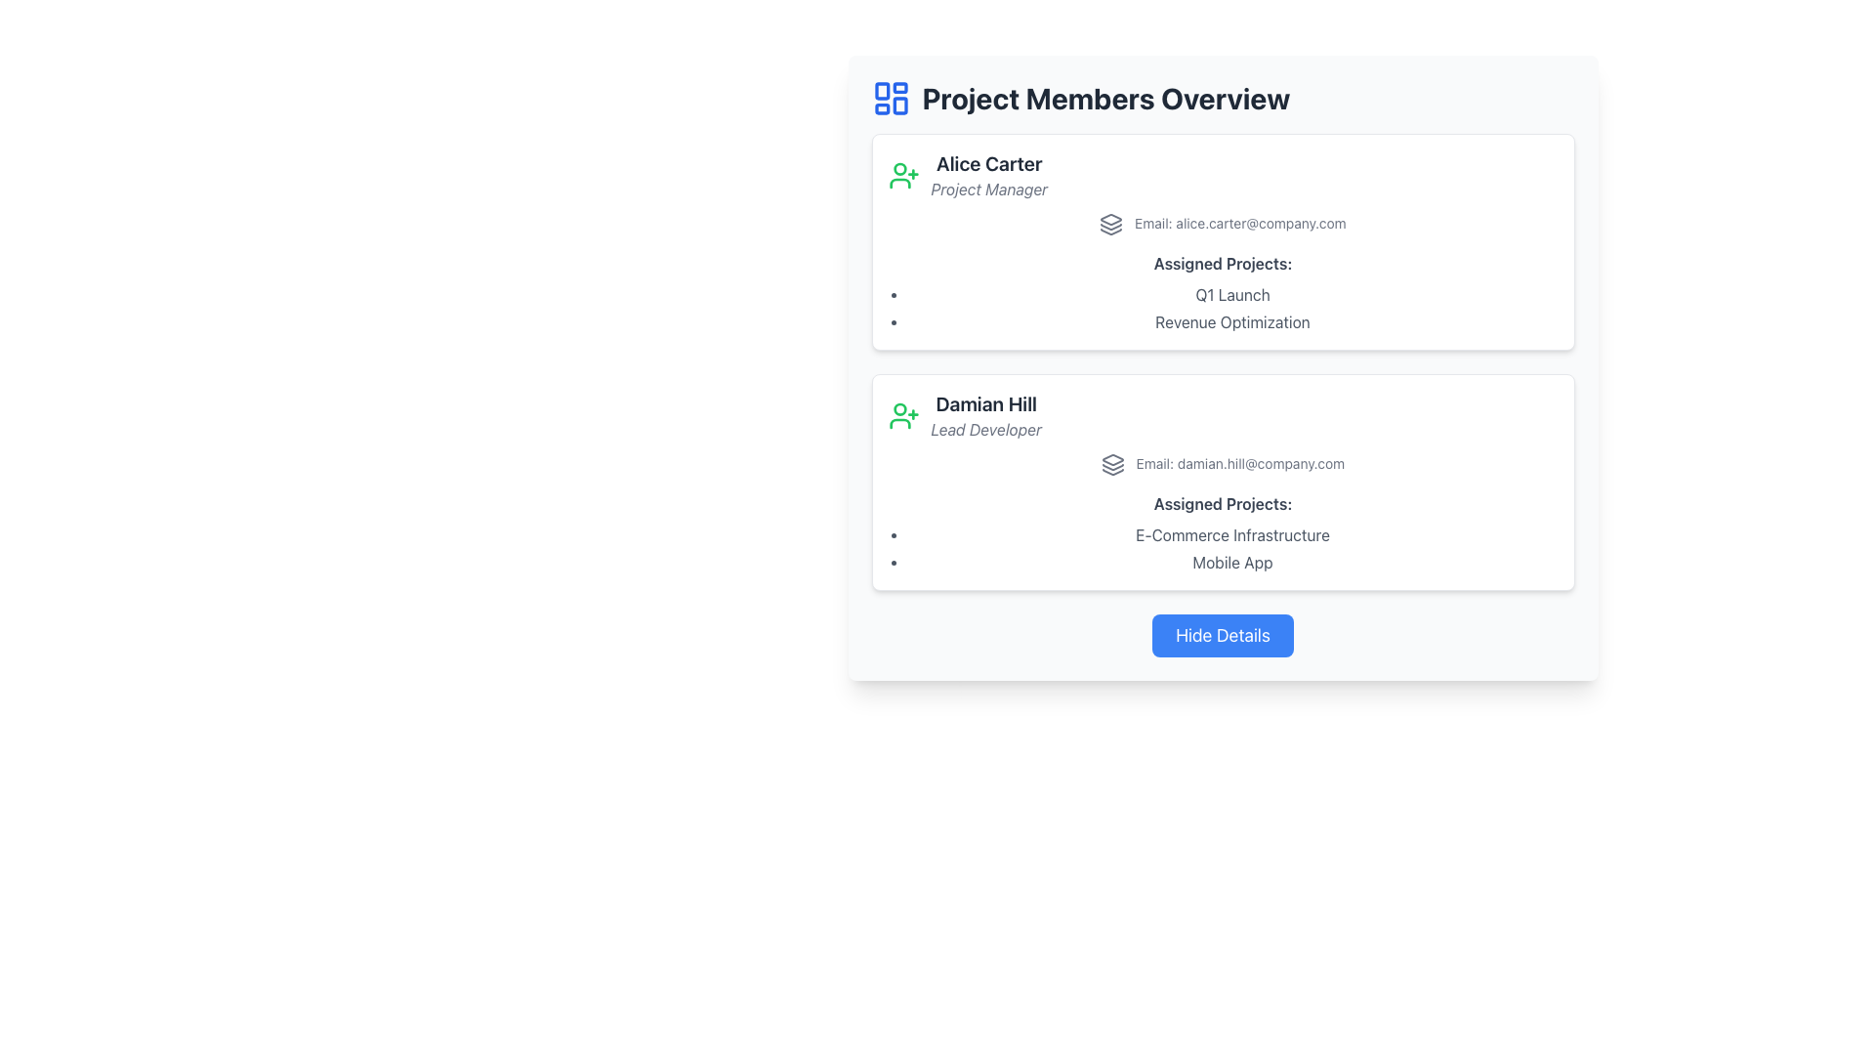  What do you see at coordinates (1231, 308) in the screenshot?
I see `text content of the bullet list item 'Q1 Launch' and 'Revenue Optimization' located in the 'Assigned Projects:' section of Alice Carter's profile card` at bounding box center [1231, 308].